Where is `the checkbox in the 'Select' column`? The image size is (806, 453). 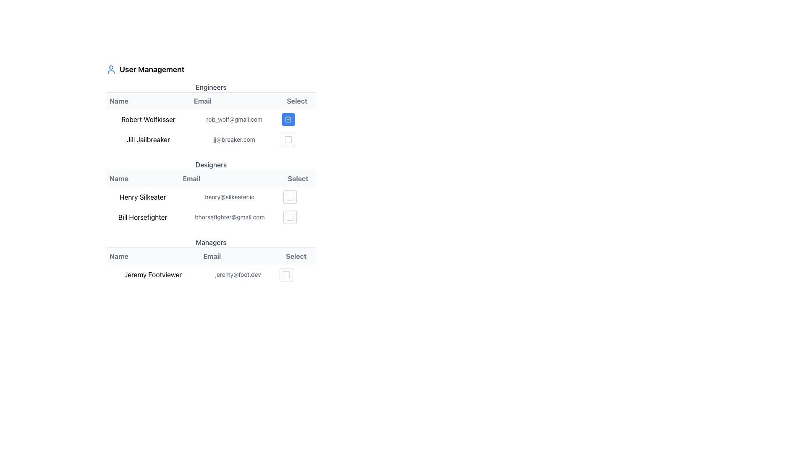
the checkbox in the 'Select' column is located at coordinates (290, 197).